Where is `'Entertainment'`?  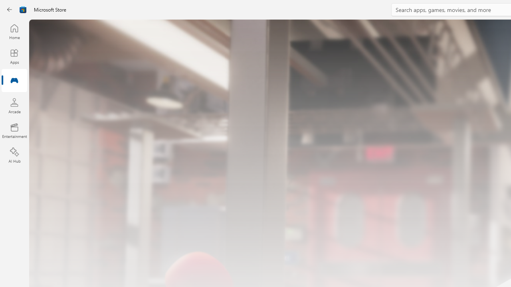 'Entertainment' is located at coordinates (14, 130).